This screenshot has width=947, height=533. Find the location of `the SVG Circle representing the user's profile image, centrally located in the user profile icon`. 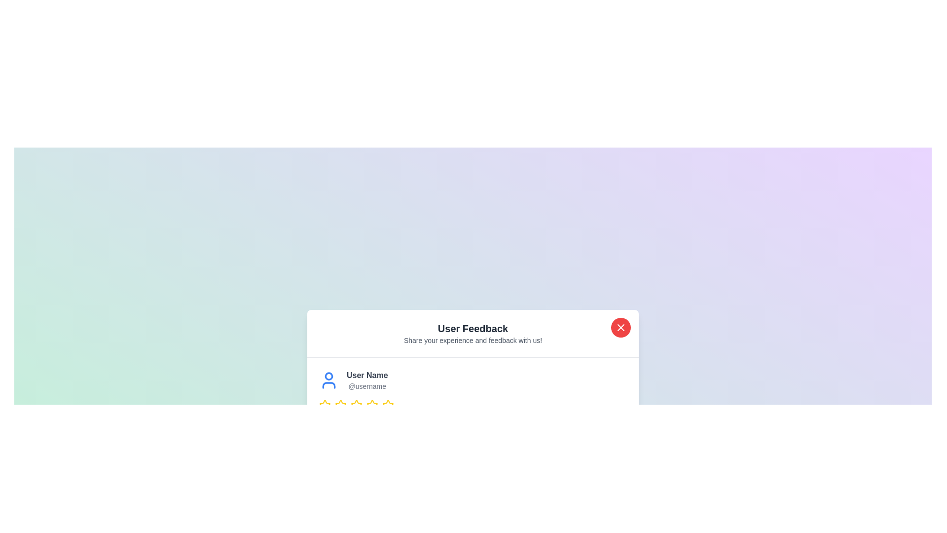

the SVG Circle representing the user's profile image, centrally located in the user profile icon is located at coordinates (329, 376).